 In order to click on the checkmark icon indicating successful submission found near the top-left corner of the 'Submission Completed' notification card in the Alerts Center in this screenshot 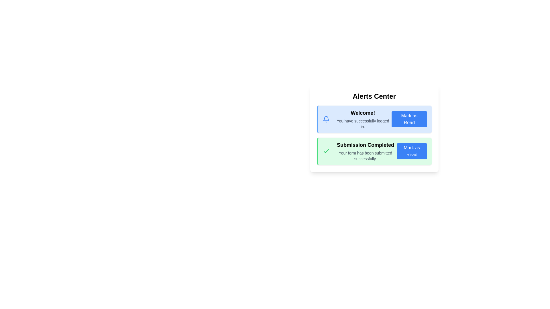, I will do `click(326, 151)`.